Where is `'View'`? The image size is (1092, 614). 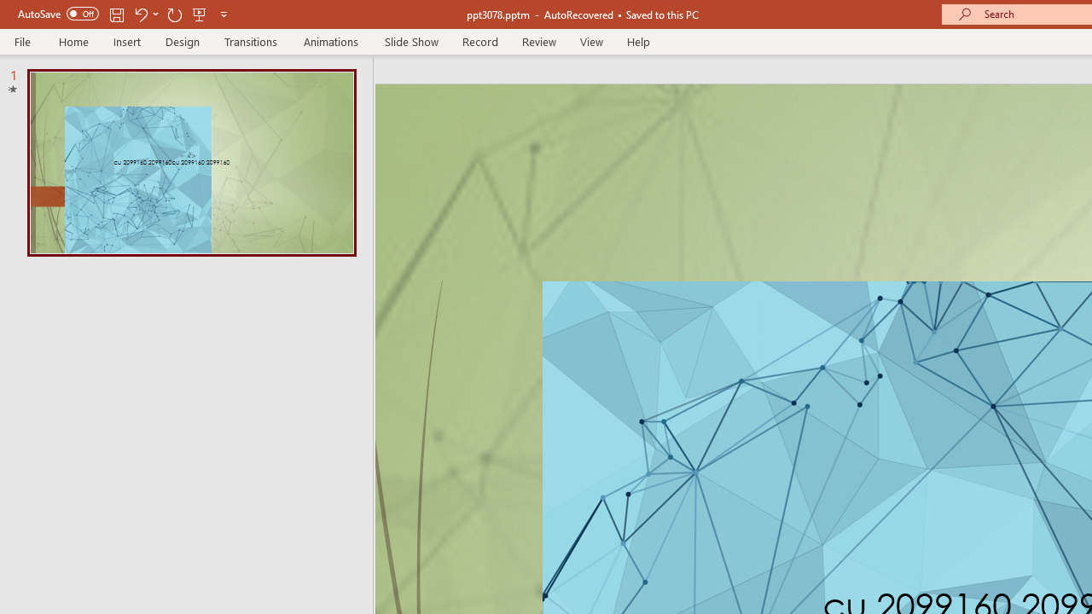
'View' is located at coordinates (591, 41).